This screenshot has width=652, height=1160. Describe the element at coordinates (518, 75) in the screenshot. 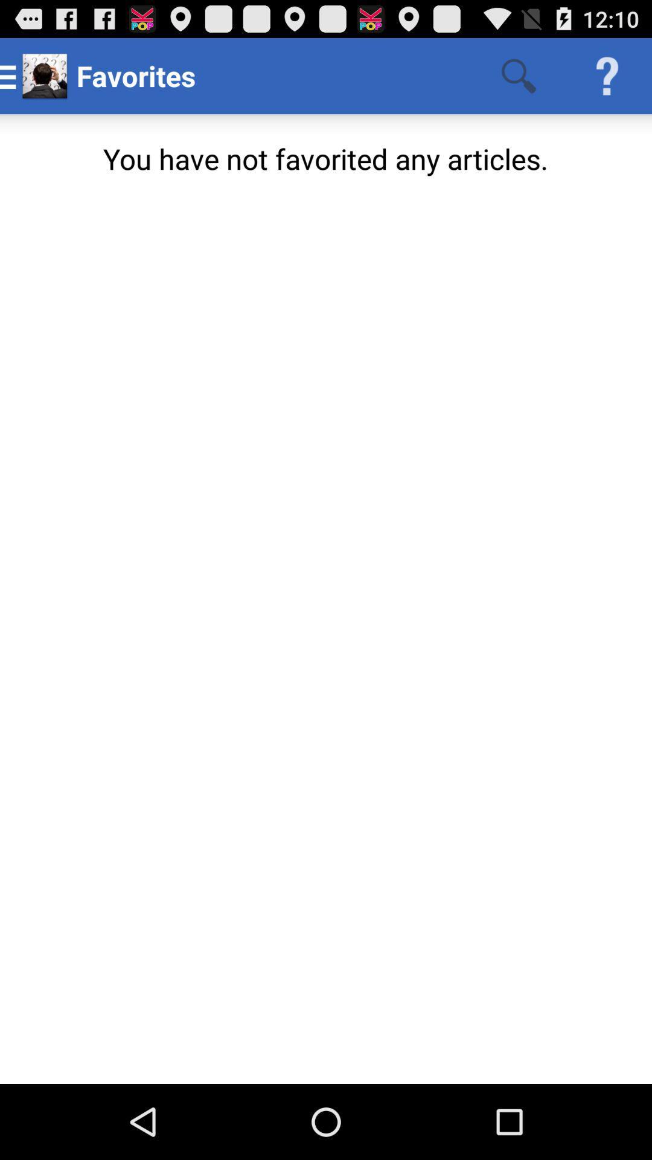

I see `app above the you have not item` at that location.